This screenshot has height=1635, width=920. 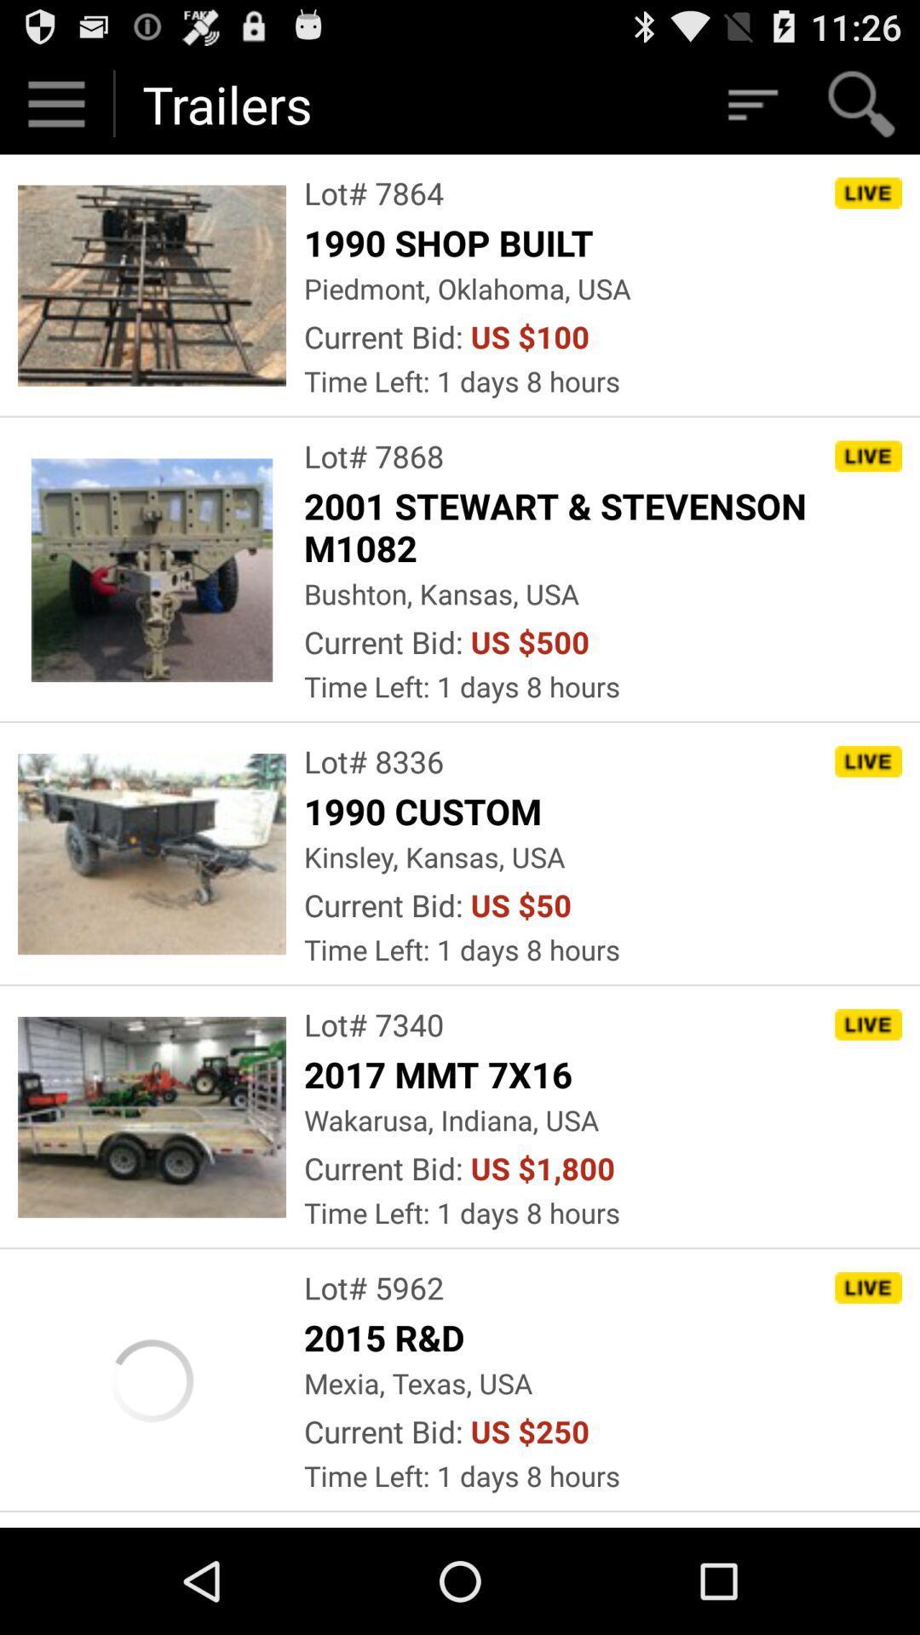 I want to click on icon next to current bid:, so click(x=520, y=904).